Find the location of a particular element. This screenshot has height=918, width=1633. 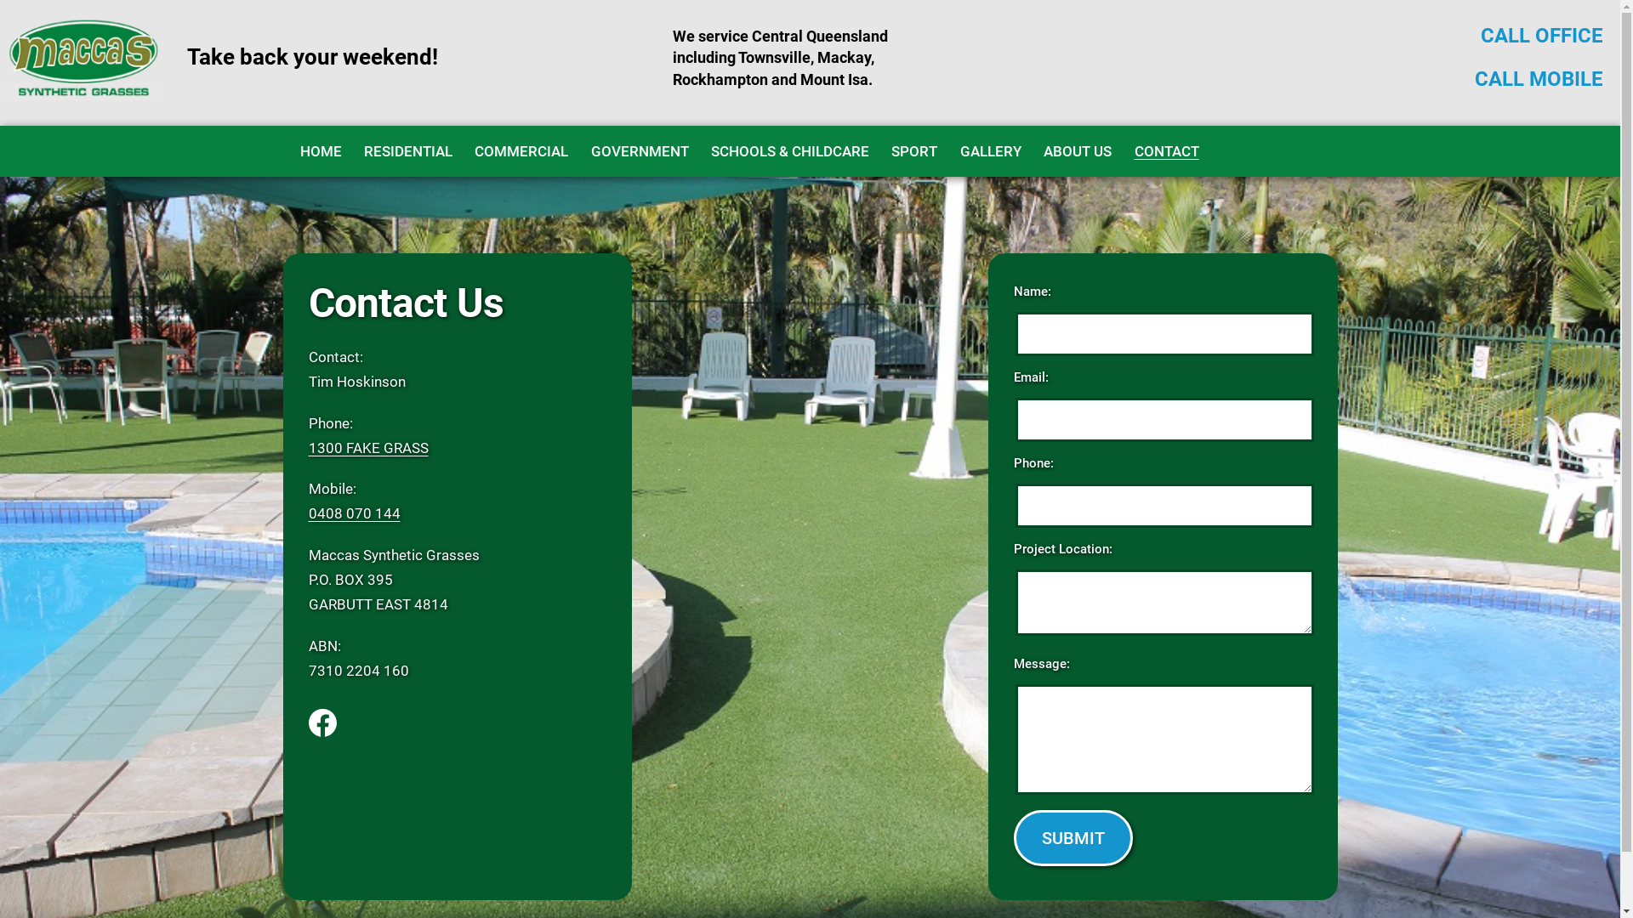

'CALL MOBILE' is located at coordinates (1539, 78).